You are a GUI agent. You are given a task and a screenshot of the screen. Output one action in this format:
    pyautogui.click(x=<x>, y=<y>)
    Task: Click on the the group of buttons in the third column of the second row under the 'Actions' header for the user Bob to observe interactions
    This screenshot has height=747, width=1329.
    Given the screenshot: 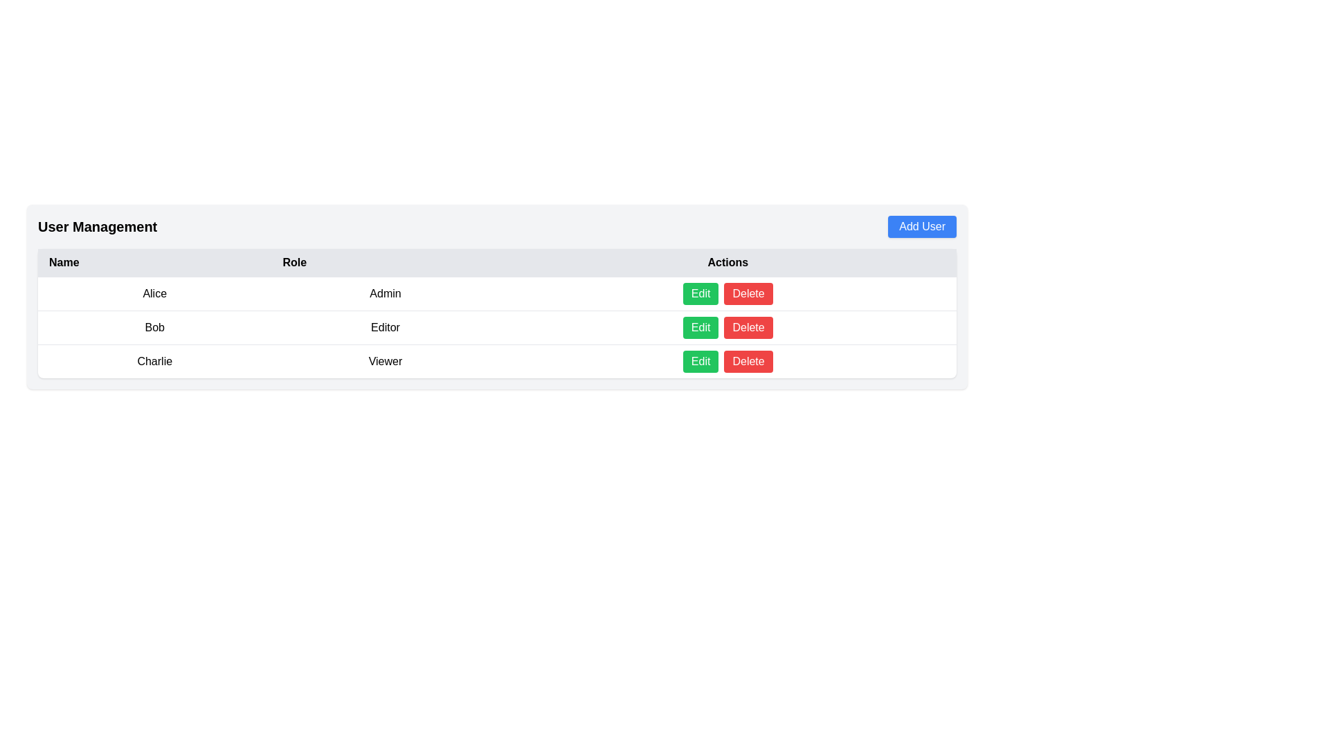 What is the action you would take?
    pyautogui.click(x=727, y=328)
    